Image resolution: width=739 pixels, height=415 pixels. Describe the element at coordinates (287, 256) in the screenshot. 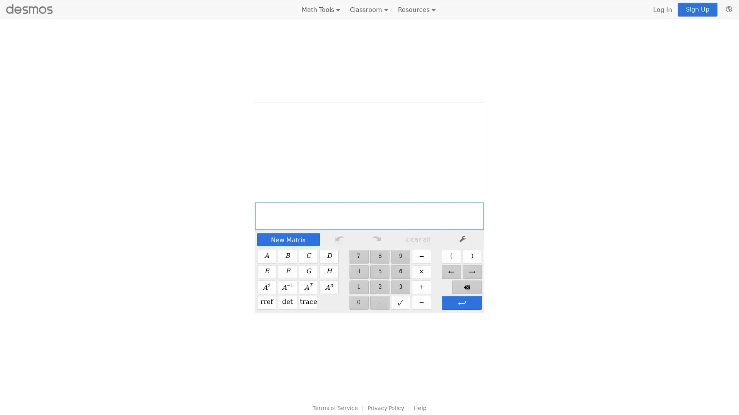

I see `B` at that location.